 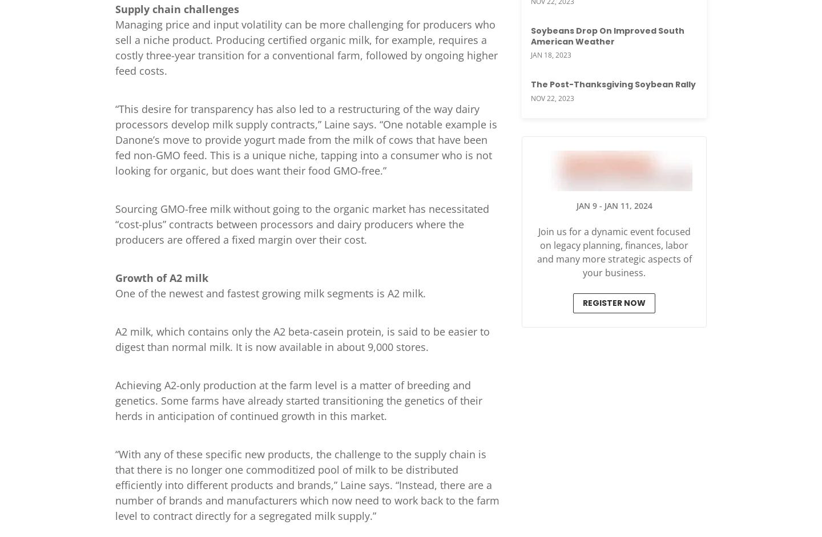 What do you see at coordinates (302, 338) in the screenshot?
I see `'A2 milk, which contains only the A2 beta-casein protein, is said to be easier to digest than normal milk. It is now available in about 9,000 stores.'` at bounding box center [302, 338].